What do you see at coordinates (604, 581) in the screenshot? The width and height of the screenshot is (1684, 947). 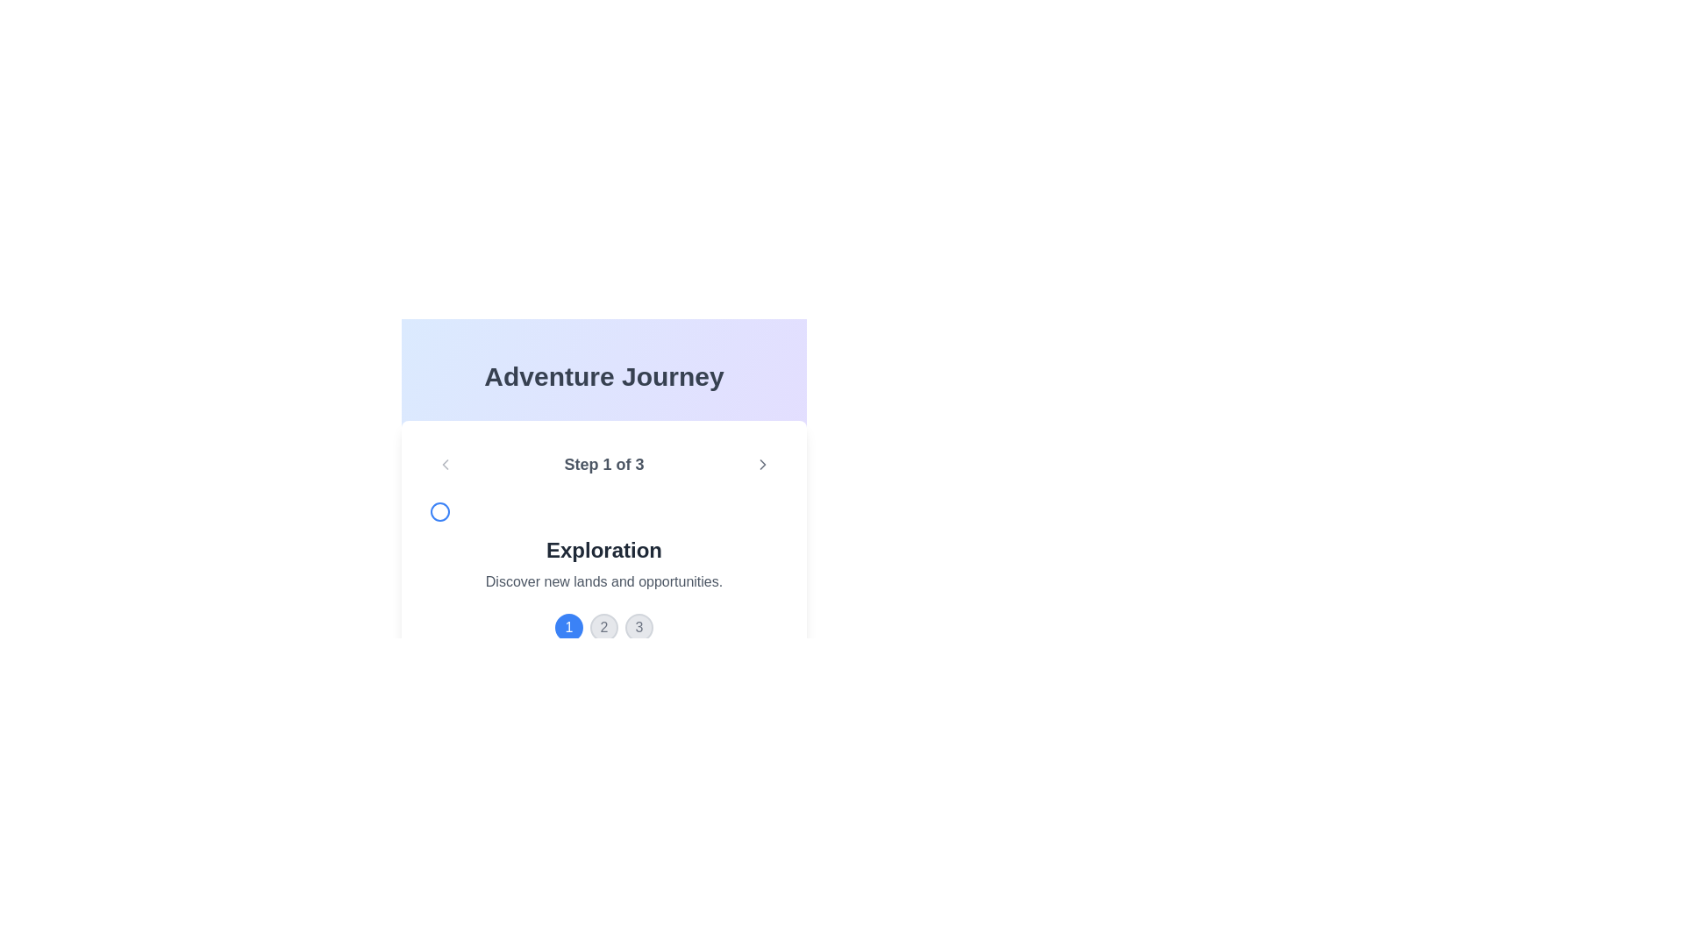 I see `the text label reading 'Discover new lands and opportunities.' which is styled in gray font and positioned directly below the 'Exploration' heading` at bounding box center [604, 581].